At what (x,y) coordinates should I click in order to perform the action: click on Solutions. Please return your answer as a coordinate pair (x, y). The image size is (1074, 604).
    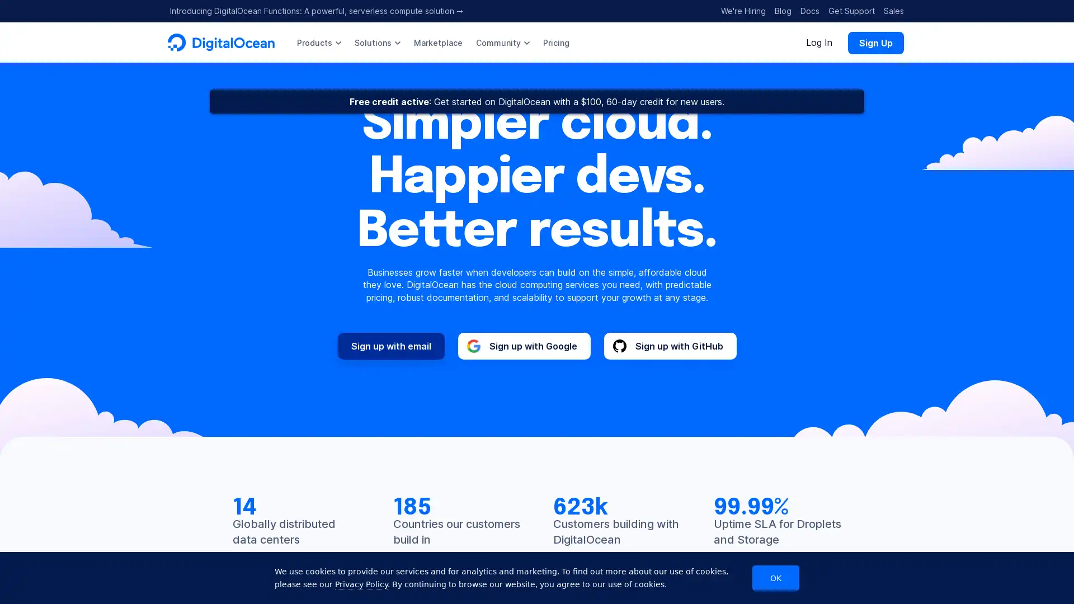
    Looking at the image, I should click on (378, 42).